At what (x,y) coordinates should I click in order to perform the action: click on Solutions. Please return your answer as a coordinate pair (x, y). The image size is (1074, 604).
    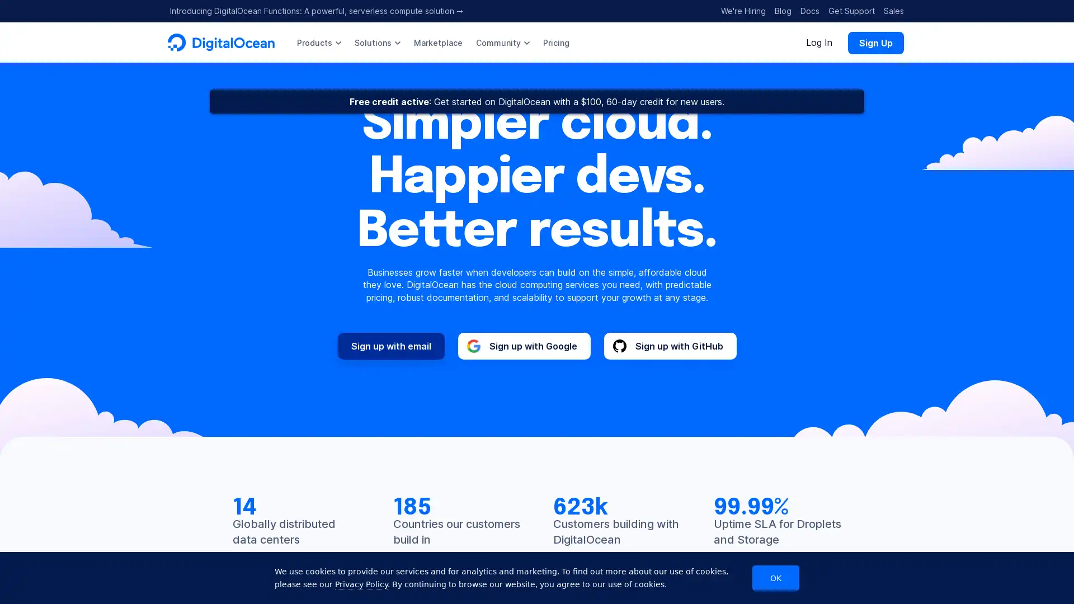
    Looking at the image, I should click on (378, 42).